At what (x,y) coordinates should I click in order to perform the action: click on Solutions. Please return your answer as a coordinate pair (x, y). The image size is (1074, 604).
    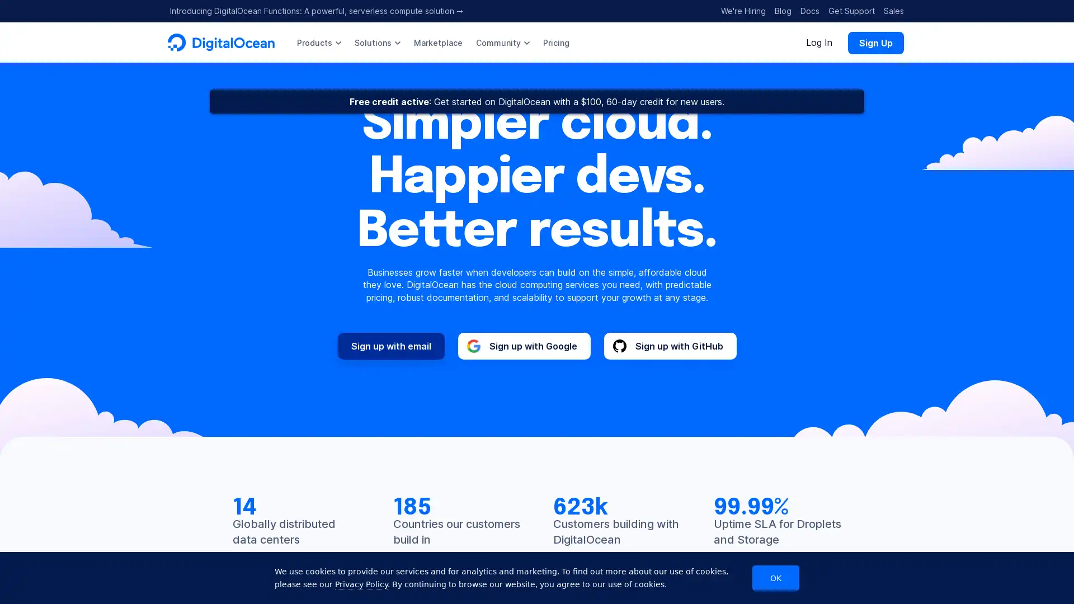
    Looking at the image, I should click on (378, 42).